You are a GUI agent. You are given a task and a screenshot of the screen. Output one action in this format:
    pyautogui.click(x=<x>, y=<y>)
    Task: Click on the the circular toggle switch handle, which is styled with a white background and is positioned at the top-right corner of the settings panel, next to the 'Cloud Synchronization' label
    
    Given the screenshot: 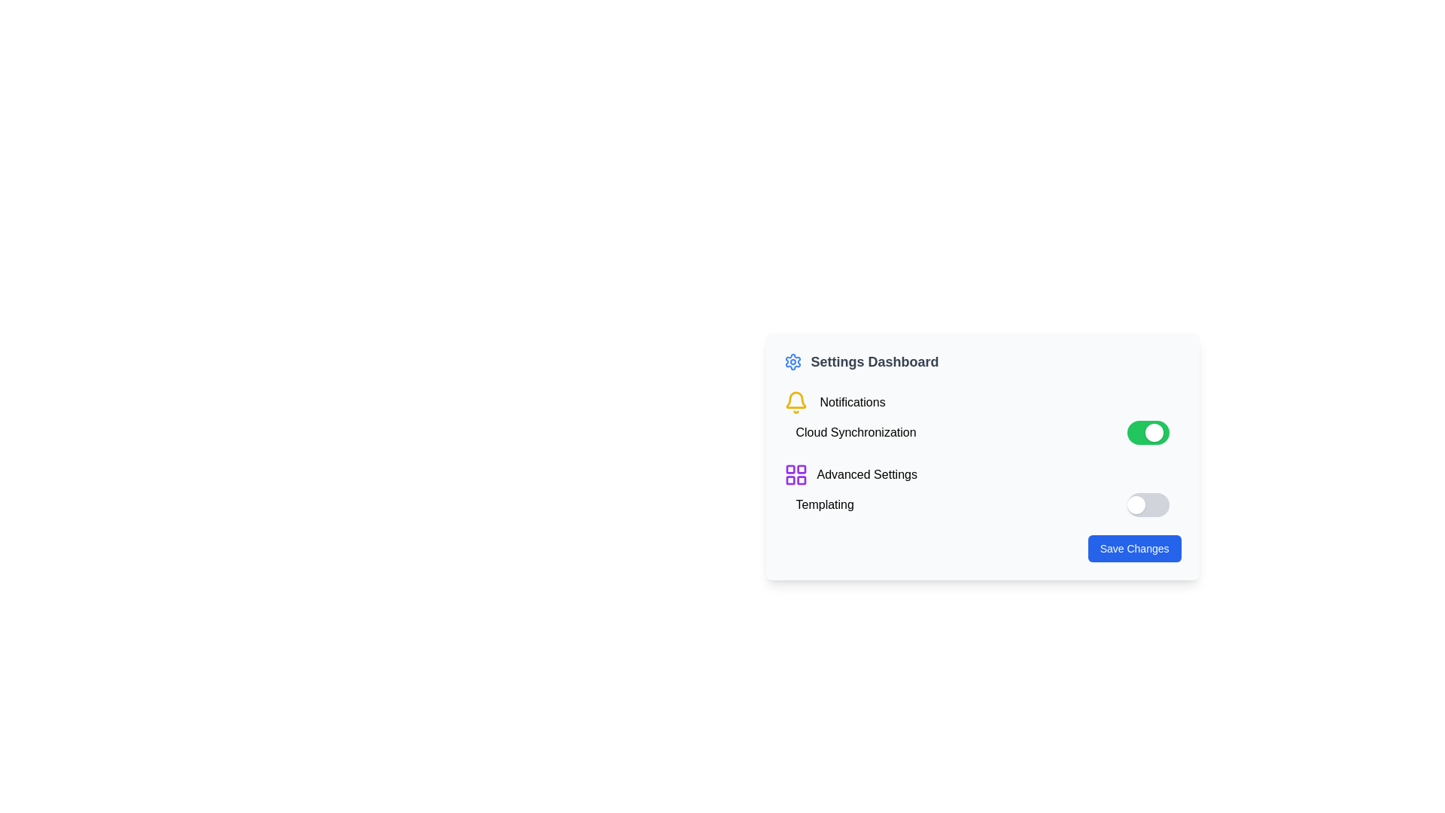 What is the action you would take?
    pyautogui.click(x=1153, y=432)
    